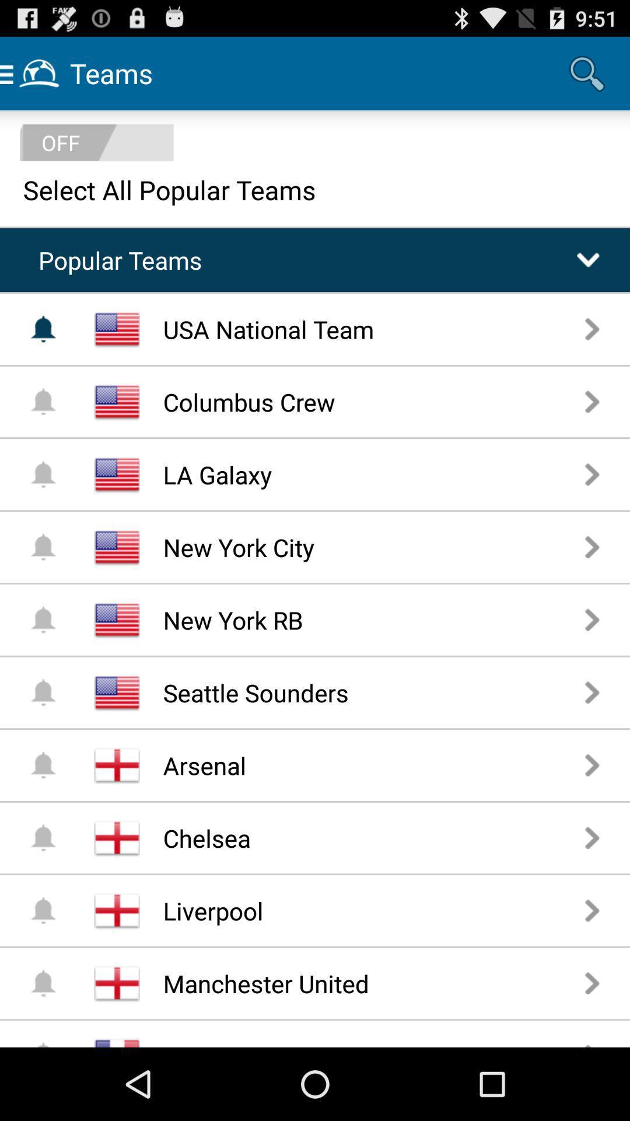 This screenshot has width=630, height=1121. I want to click on the next arrow button, so click(592, 983).